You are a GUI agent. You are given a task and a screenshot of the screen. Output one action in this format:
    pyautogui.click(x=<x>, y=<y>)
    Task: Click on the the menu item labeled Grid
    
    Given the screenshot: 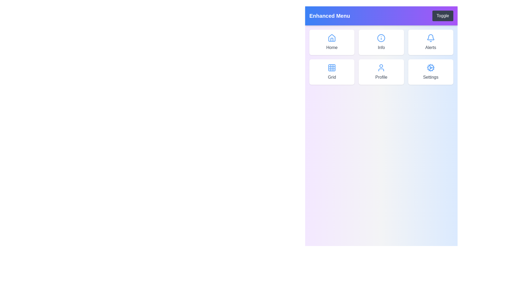 What is the action you would take?
    pyautogui.click(x=332, y=72)
    